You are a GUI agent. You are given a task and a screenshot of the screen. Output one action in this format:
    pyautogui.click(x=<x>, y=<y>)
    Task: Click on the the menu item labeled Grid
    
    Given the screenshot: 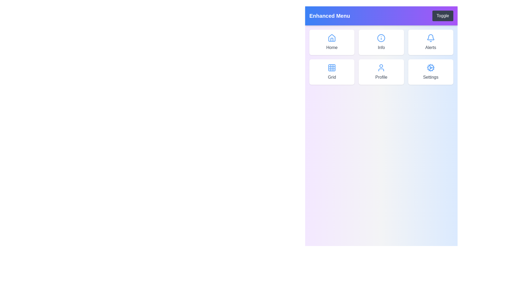 What is the action you would take?
    pyautogui.click(x=332, y=72)
    